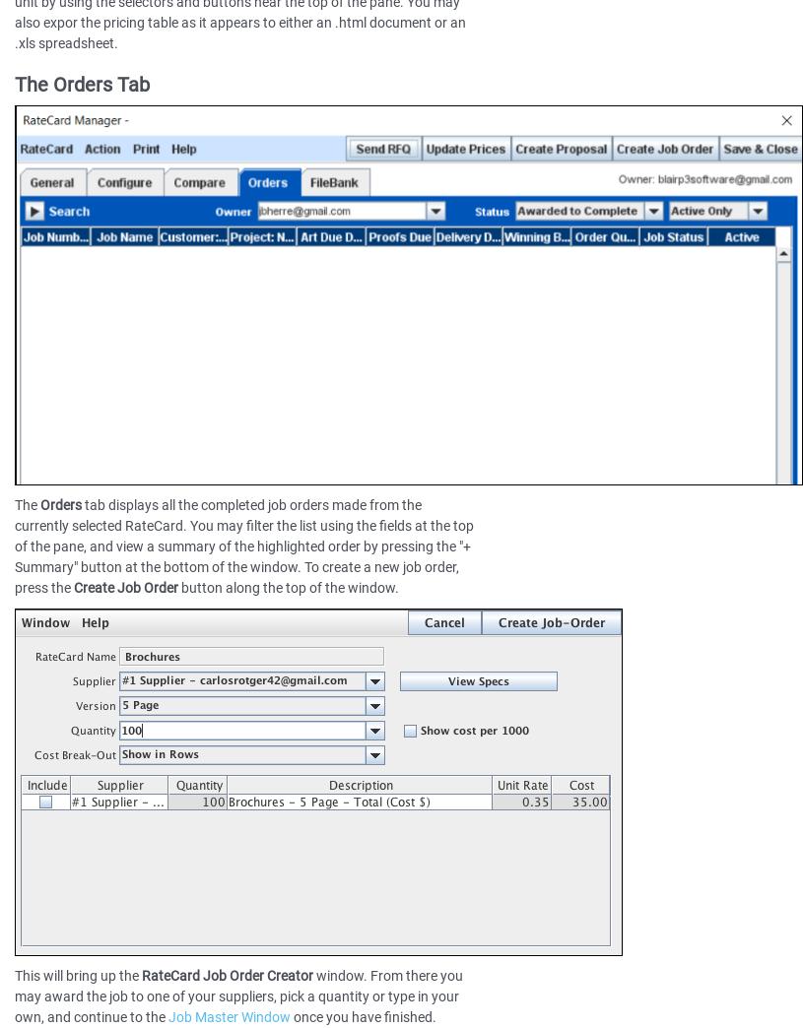 This screenshot has height=1028, width=803. Describe the element at coordinates (77, 975) in the screenshot. I see `'This will bring up the'` at that location.